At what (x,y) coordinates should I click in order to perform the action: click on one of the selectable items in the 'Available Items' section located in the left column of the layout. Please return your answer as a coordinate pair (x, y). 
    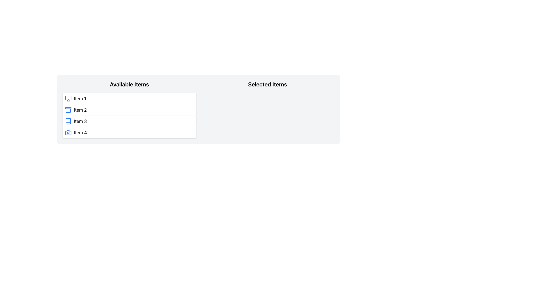
    Looking at the image, I should click on (129, 109).